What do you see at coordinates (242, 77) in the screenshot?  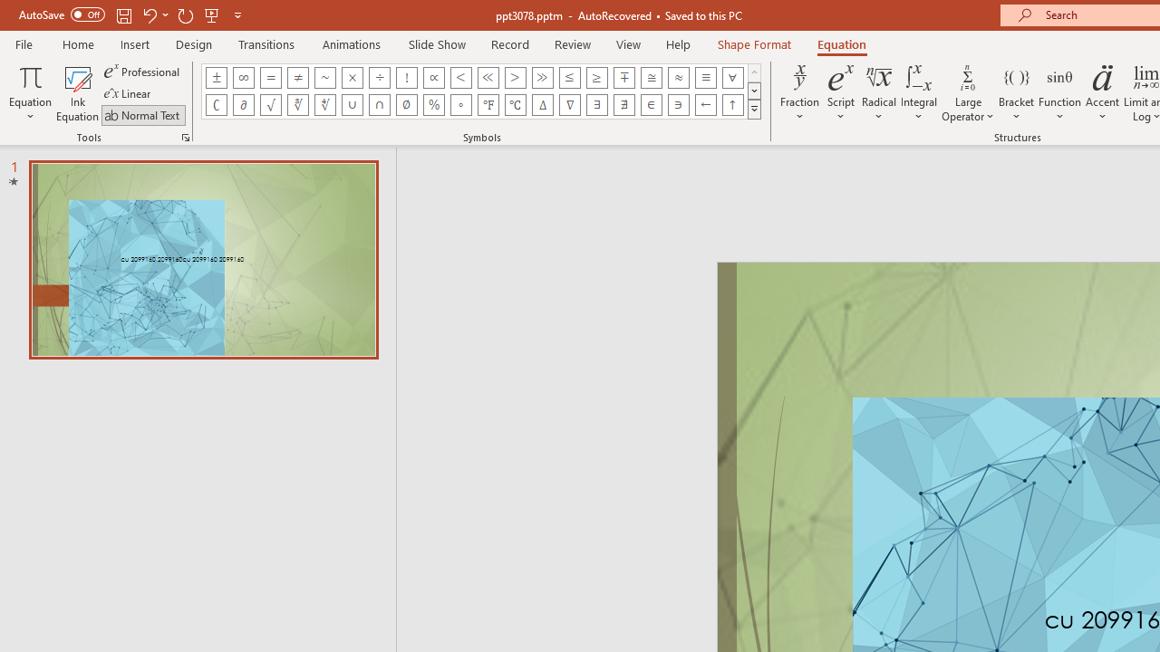 I see `'Equation Symbol Infinity'` at bounding box center [242, 77].